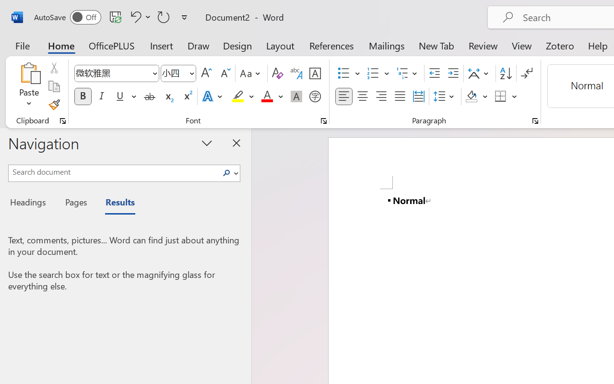  What do you see at coordinates (149, 96) in the screenshot?
I see `'Strikethrough'` at bounding box center [149, 96].